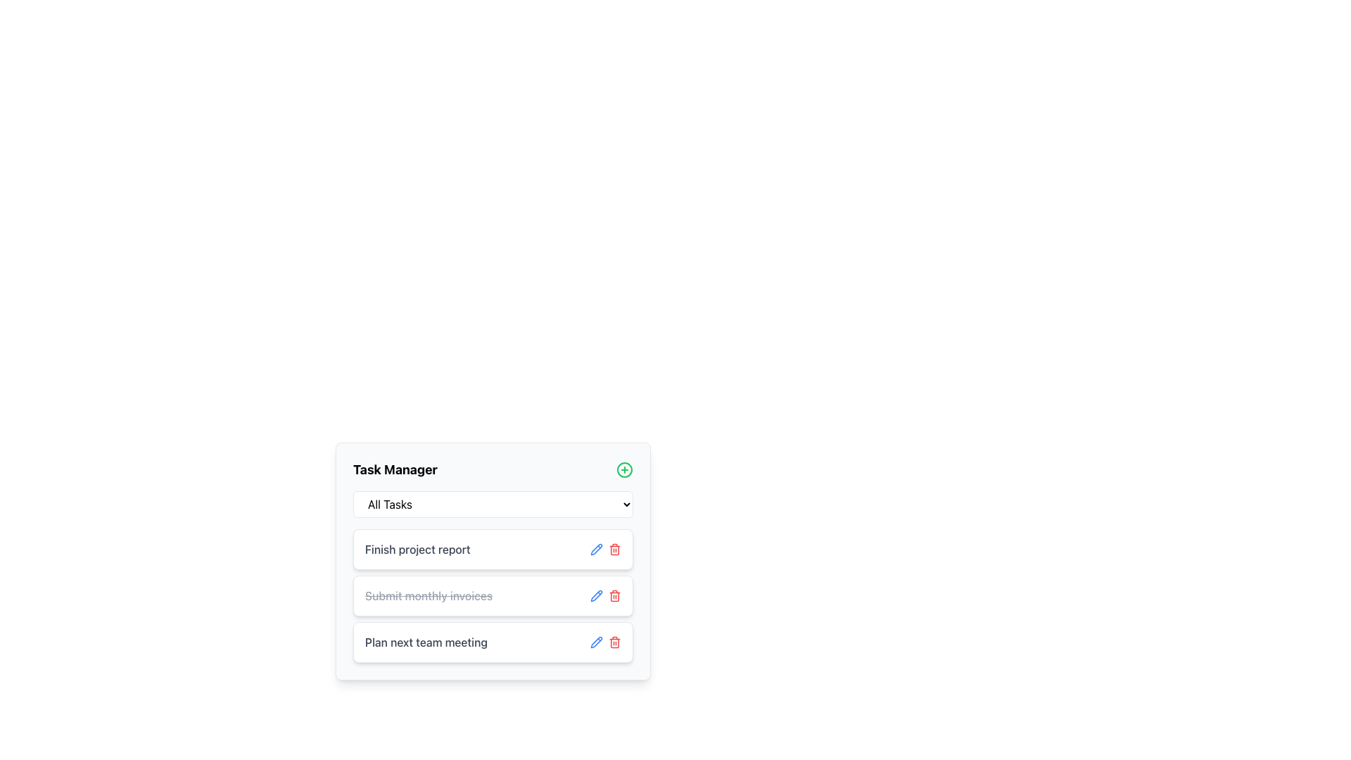  Describe the element at coordinates (425, 642) in the screenshot. I see `the text label displaying 'Plan next team meeting'` at that location.